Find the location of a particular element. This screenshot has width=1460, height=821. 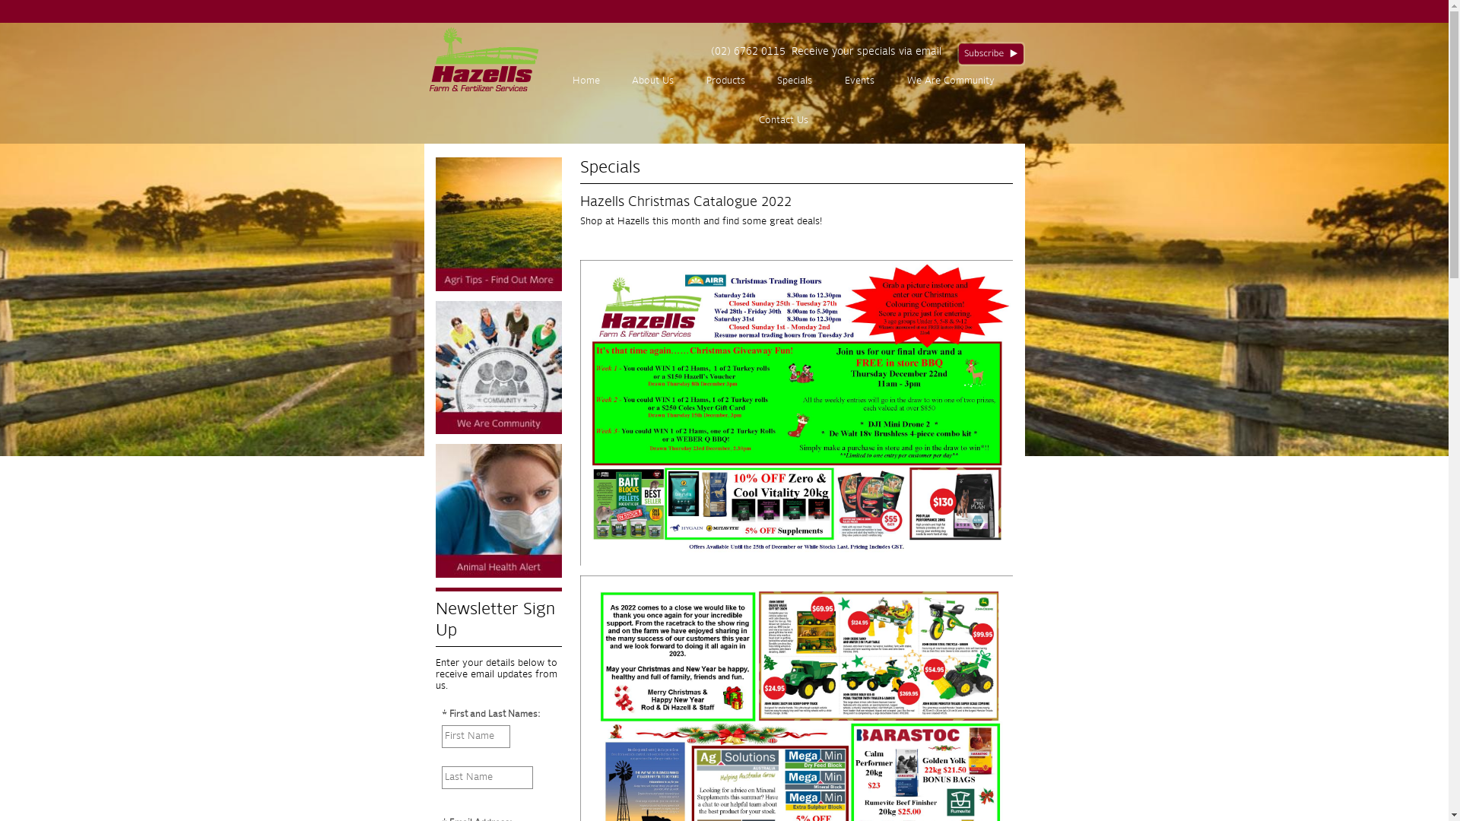

'Contact Us' is located at coordinates (783, 119).